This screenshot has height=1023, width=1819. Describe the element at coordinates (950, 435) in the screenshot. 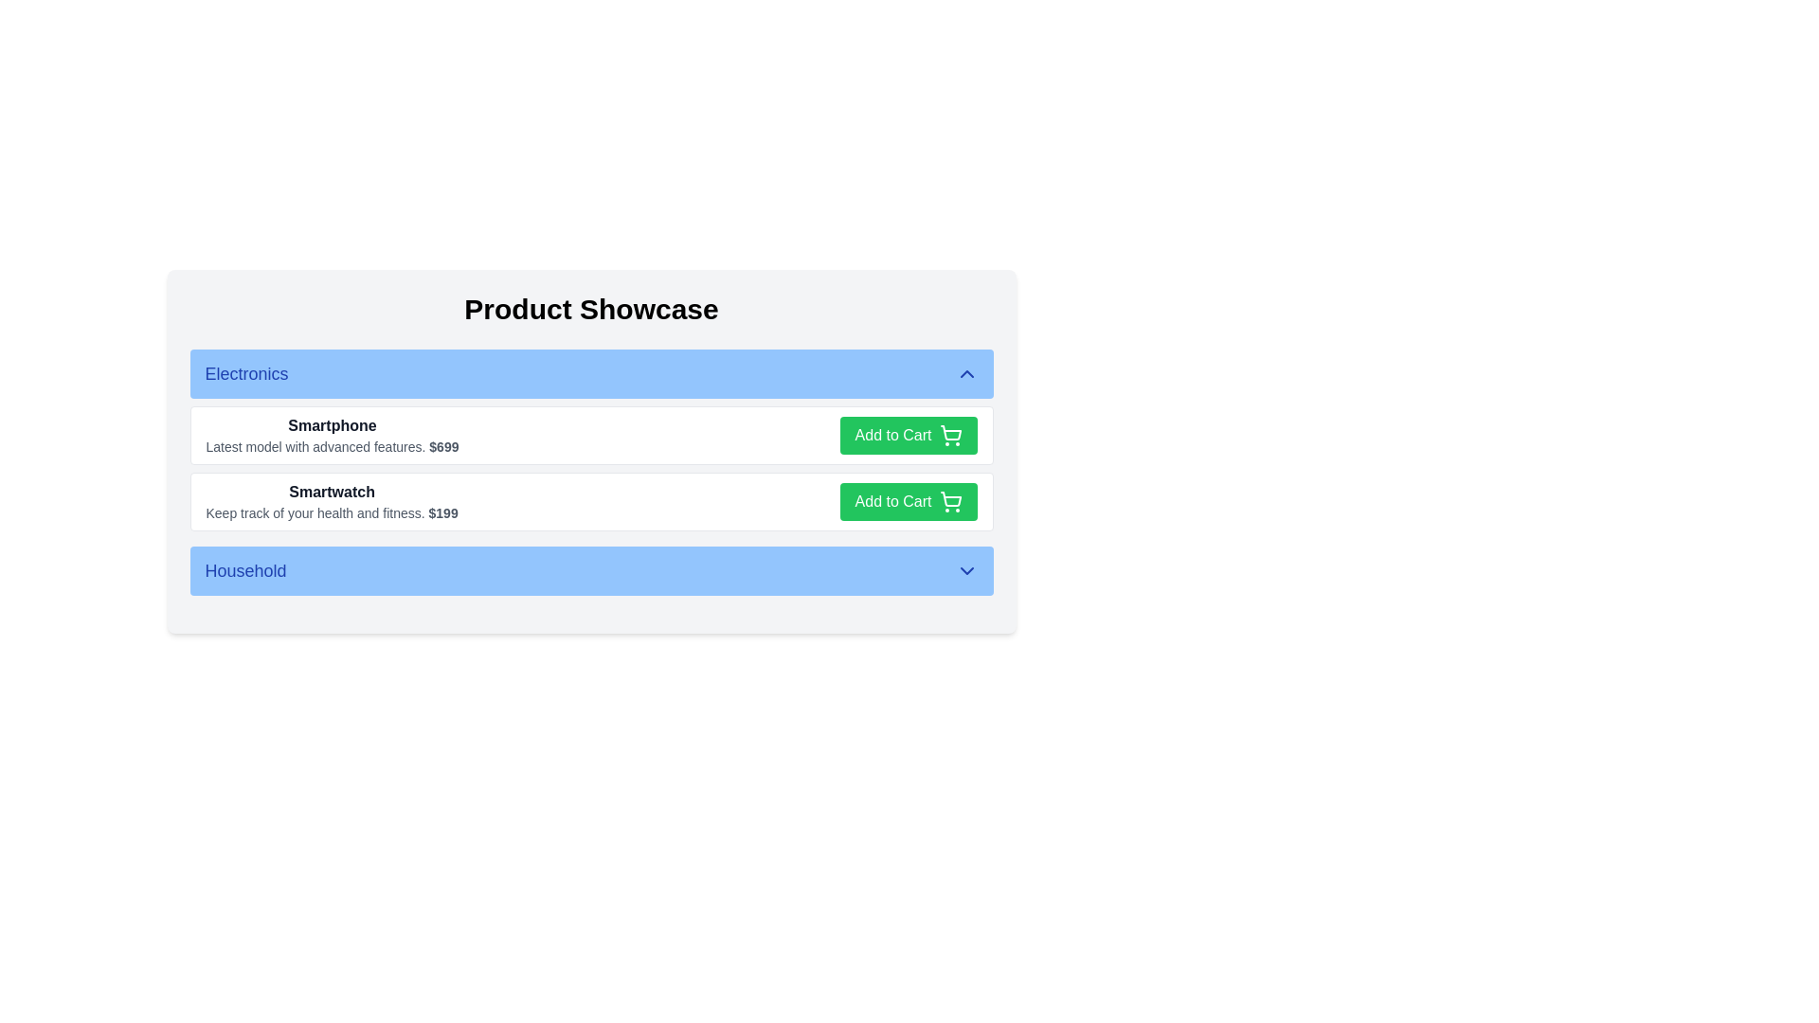

I see `the 'Add to Cart' button which contains a shopping cart icon, visually indicating the action to add items to the cart` at that location.